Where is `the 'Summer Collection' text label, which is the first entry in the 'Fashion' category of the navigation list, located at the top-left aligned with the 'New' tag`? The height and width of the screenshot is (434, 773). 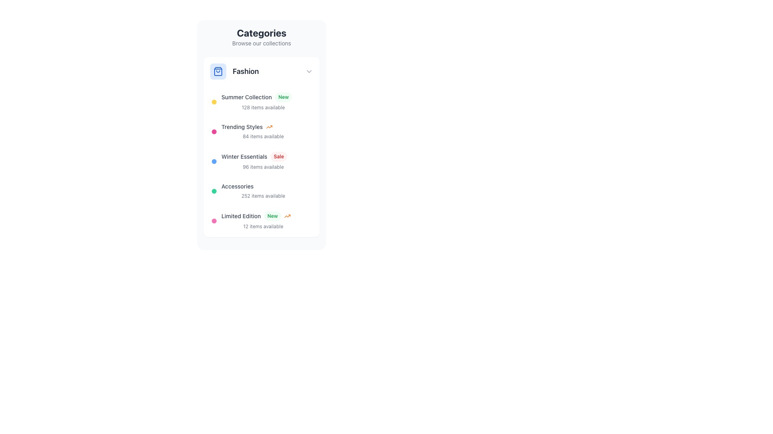
the 'Summer Collection' text label, which is the first entry in the 'Fashion' category of the navigation list, located at the top-left aligned with the 'New' tag is located at coordinates (246, 97).